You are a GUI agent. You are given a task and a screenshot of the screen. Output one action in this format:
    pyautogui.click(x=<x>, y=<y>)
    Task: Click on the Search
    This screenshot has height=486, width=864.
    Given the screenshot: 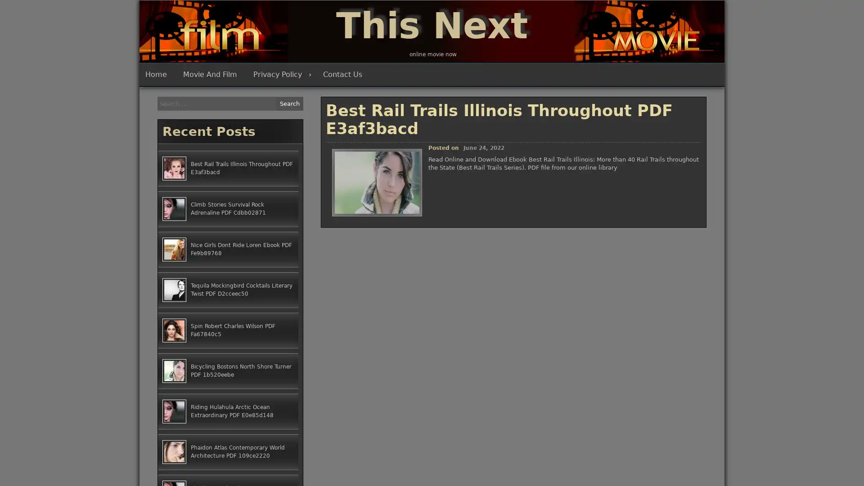 What is the action you would take?
    pyautogui.click(x=289, y=103)
    